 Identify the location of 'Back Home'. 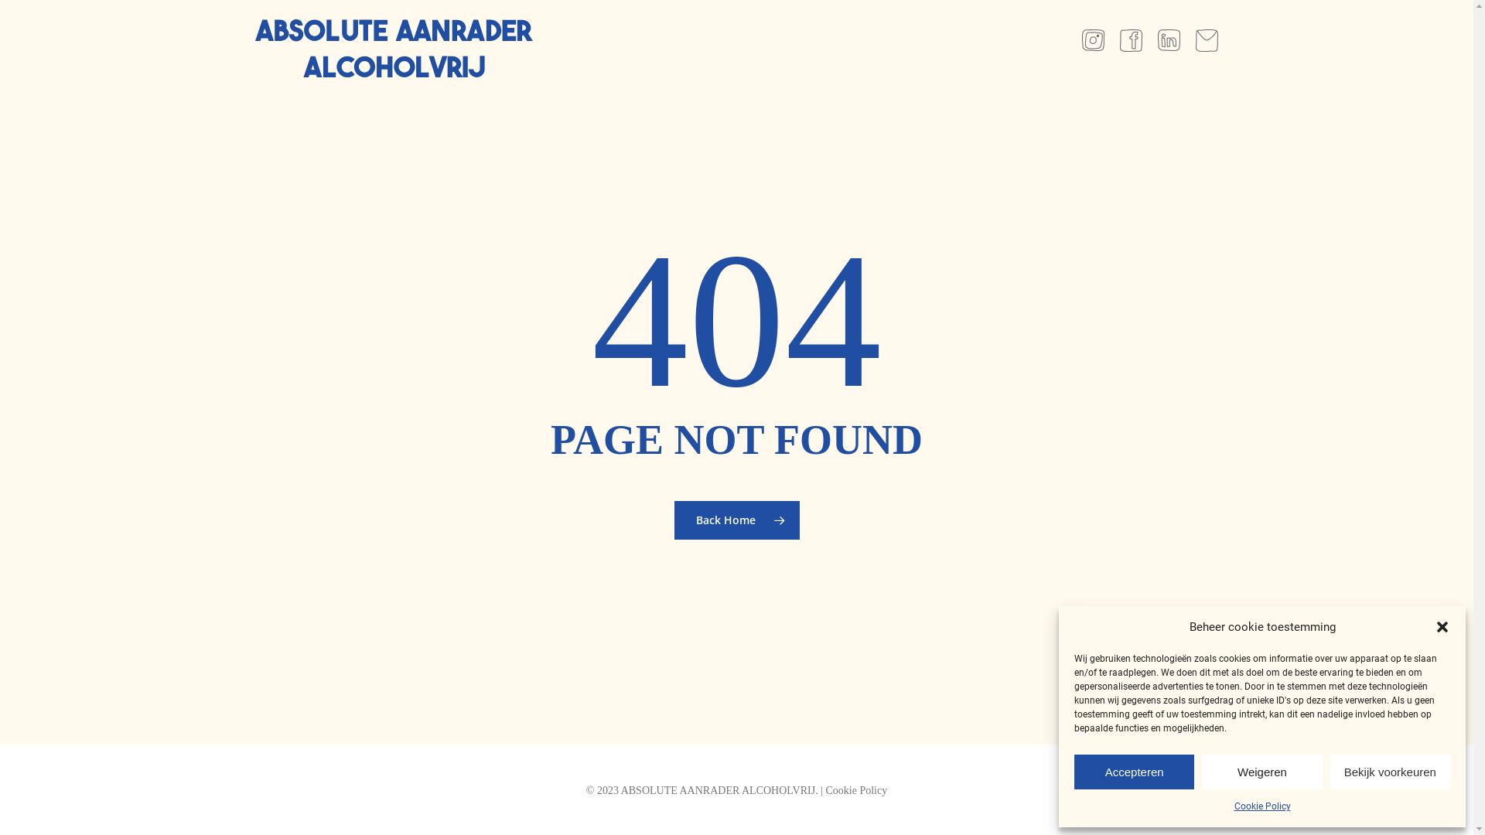
(736, 520).